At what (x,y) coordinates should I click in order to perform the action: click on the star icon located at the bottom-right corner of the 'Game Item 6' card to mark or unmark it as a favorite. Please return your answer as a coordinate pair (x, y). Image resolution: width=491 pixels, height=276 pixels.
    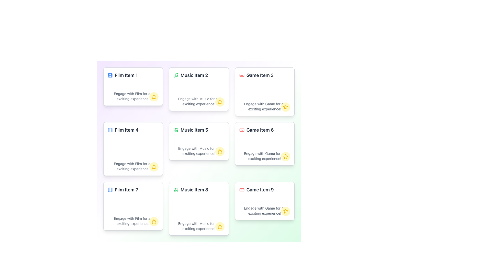
    Looking at the image, I should click on (285, 156).